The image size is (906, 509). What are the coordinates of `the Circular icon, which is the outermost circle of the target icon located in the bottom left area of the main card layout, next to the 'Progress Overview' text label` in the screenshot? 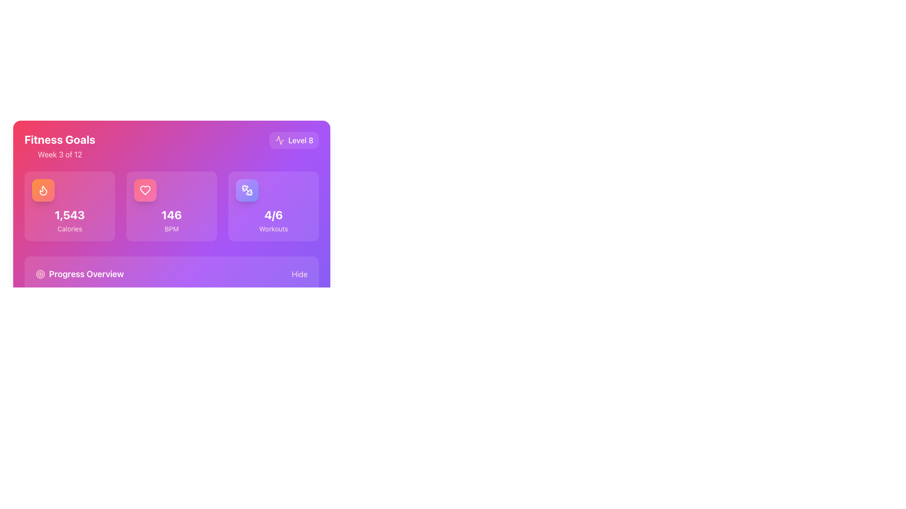 It's located at (40, 274).